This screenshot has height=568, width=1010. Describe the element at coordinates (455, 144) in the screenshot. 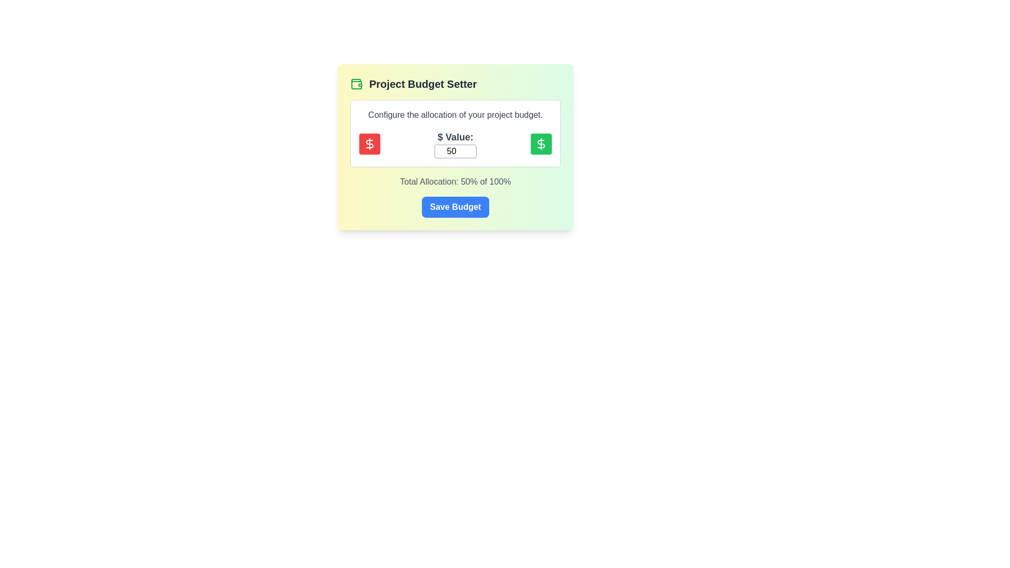

I see `the label displaying '$ Value:' which serves as the header for the numeric input field, positioned centrally between a red button on the left and a green button on the right` at that location.